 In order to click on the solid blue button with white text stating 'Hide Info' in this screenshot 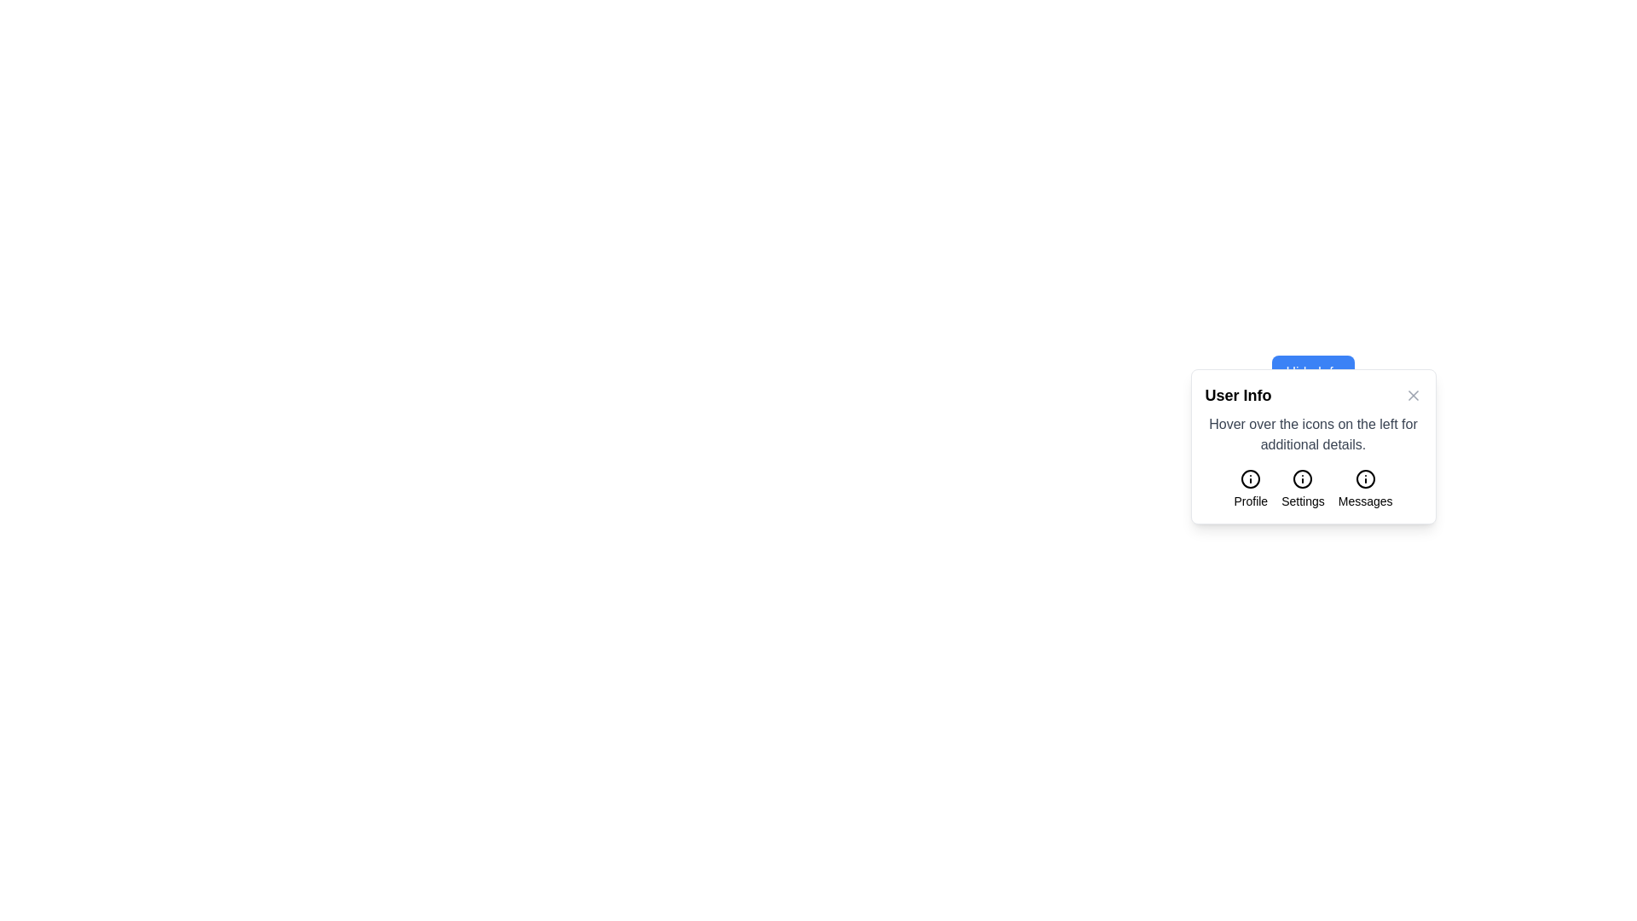, I will do `click(1312, 371)`.